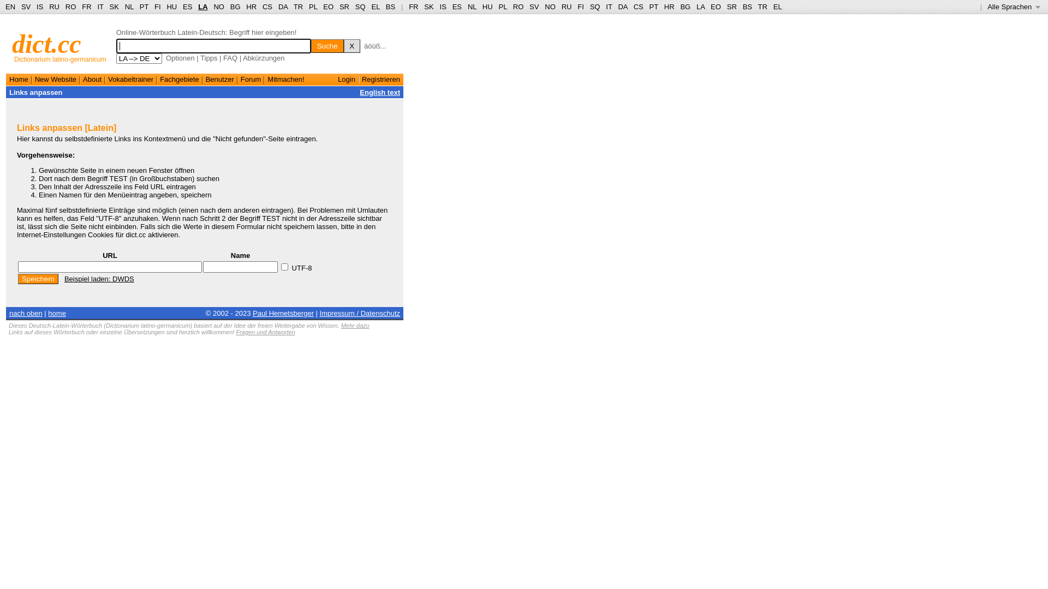 The height and width of the screenshot is (589, 1048). I want to click on 'SQ', so click(360, 7).